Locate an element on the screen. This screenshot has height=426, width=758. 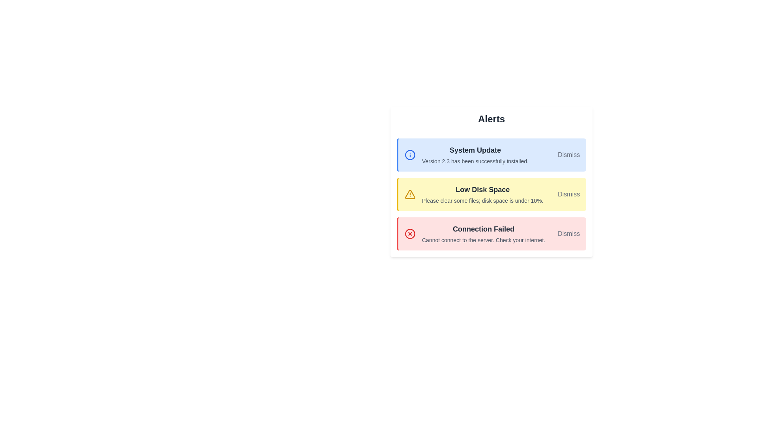
the blue circular decorative icon located on the left side of the topmost notification panel, next to the 'System Update - Version 2.3 has been successfully installed.' text is located at coordinates (410, 155).